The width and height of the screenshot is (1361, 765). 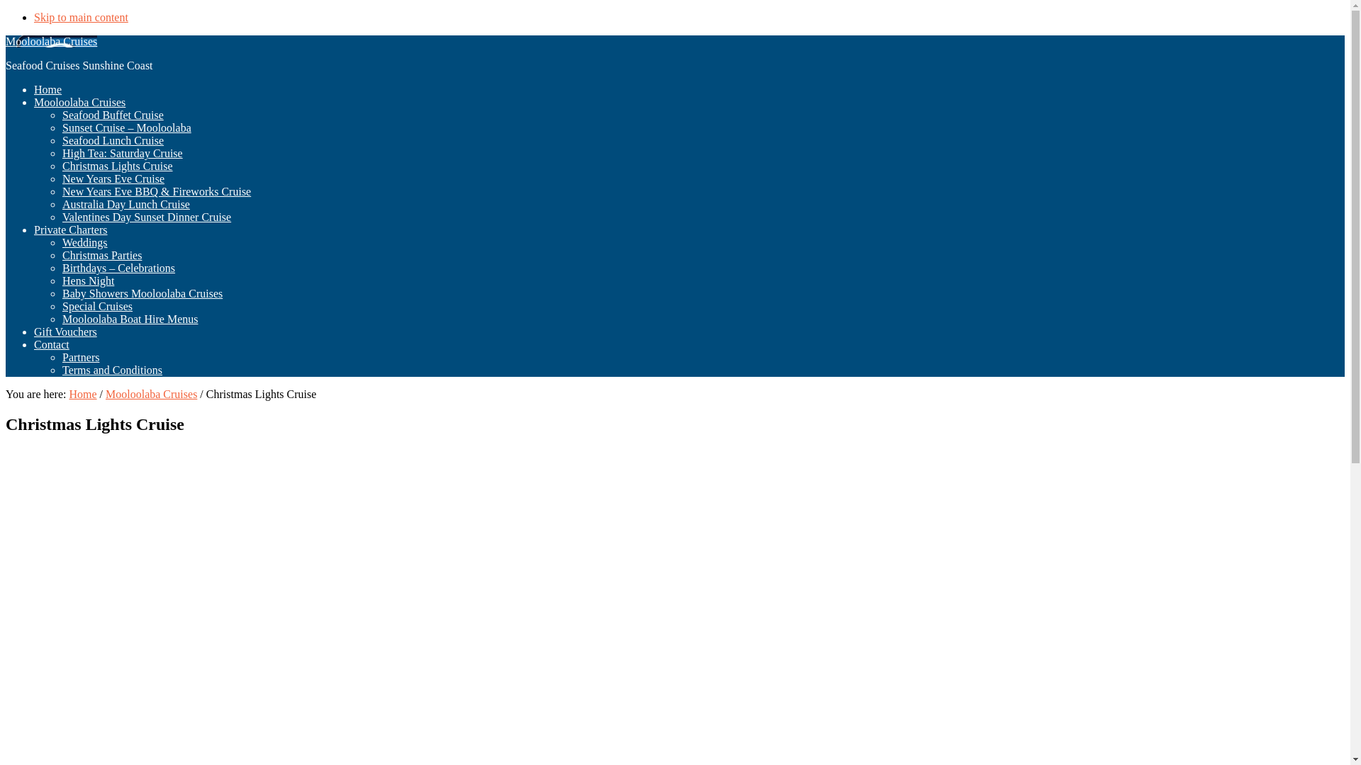 What do you see at coordinates (156, 191) in the screenshot?
I see `'New Years Eve BBQ & Fireworks Cruise'` at bounding box center [156, 191].